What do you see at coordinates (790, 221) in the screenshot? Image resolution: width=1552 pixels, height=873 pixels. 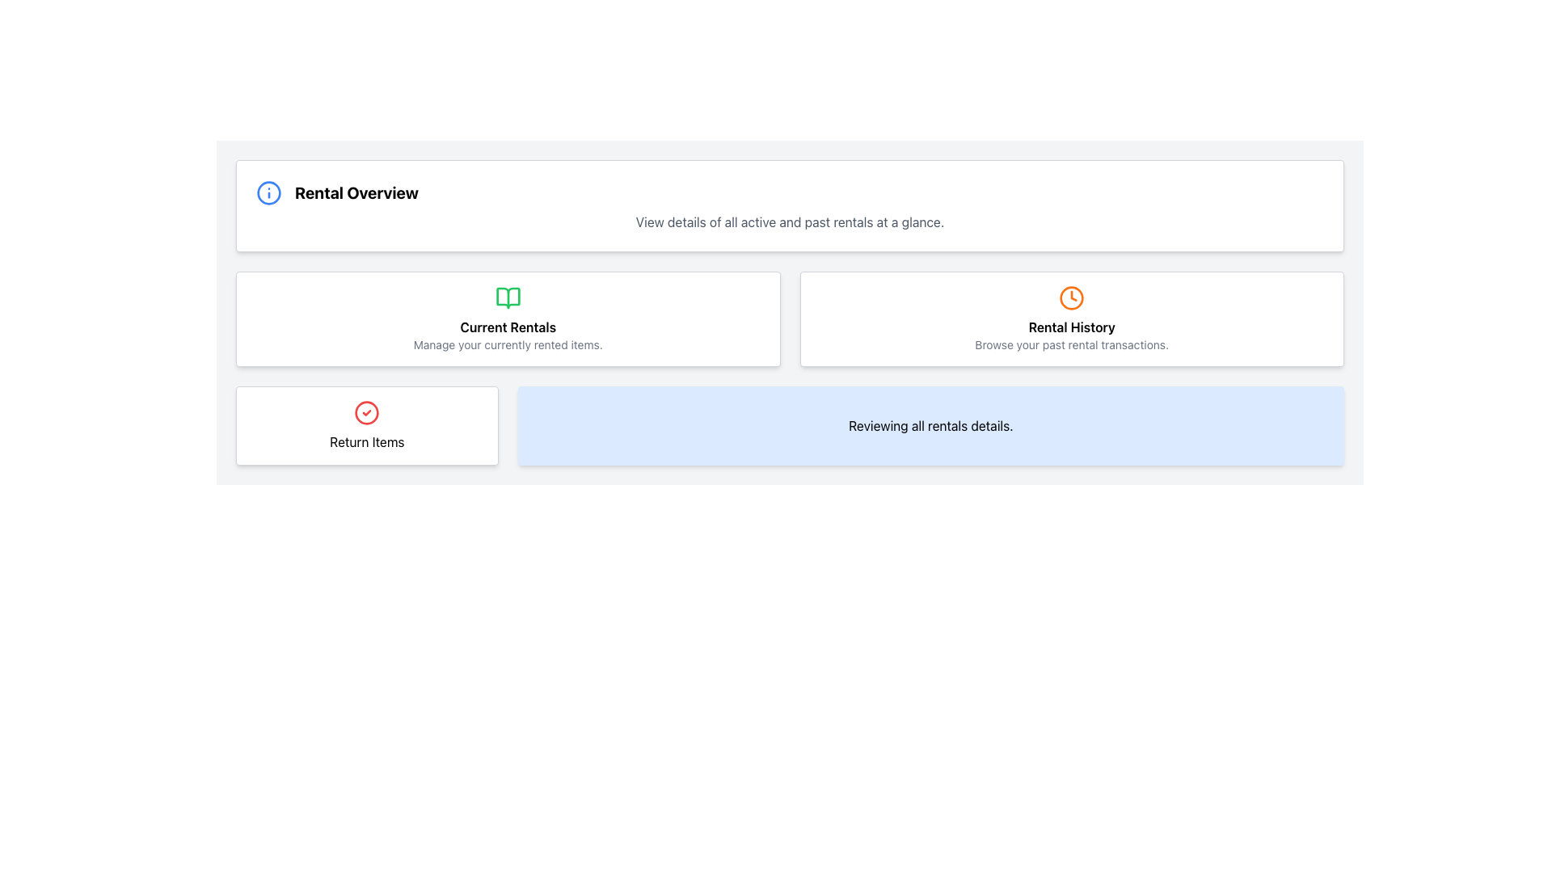 I see `the text content area displaying the message 'View details of all active and past rentals at a glance.' located directly below the bold title 'Rental Overview'` at bounding box center [790, 221].